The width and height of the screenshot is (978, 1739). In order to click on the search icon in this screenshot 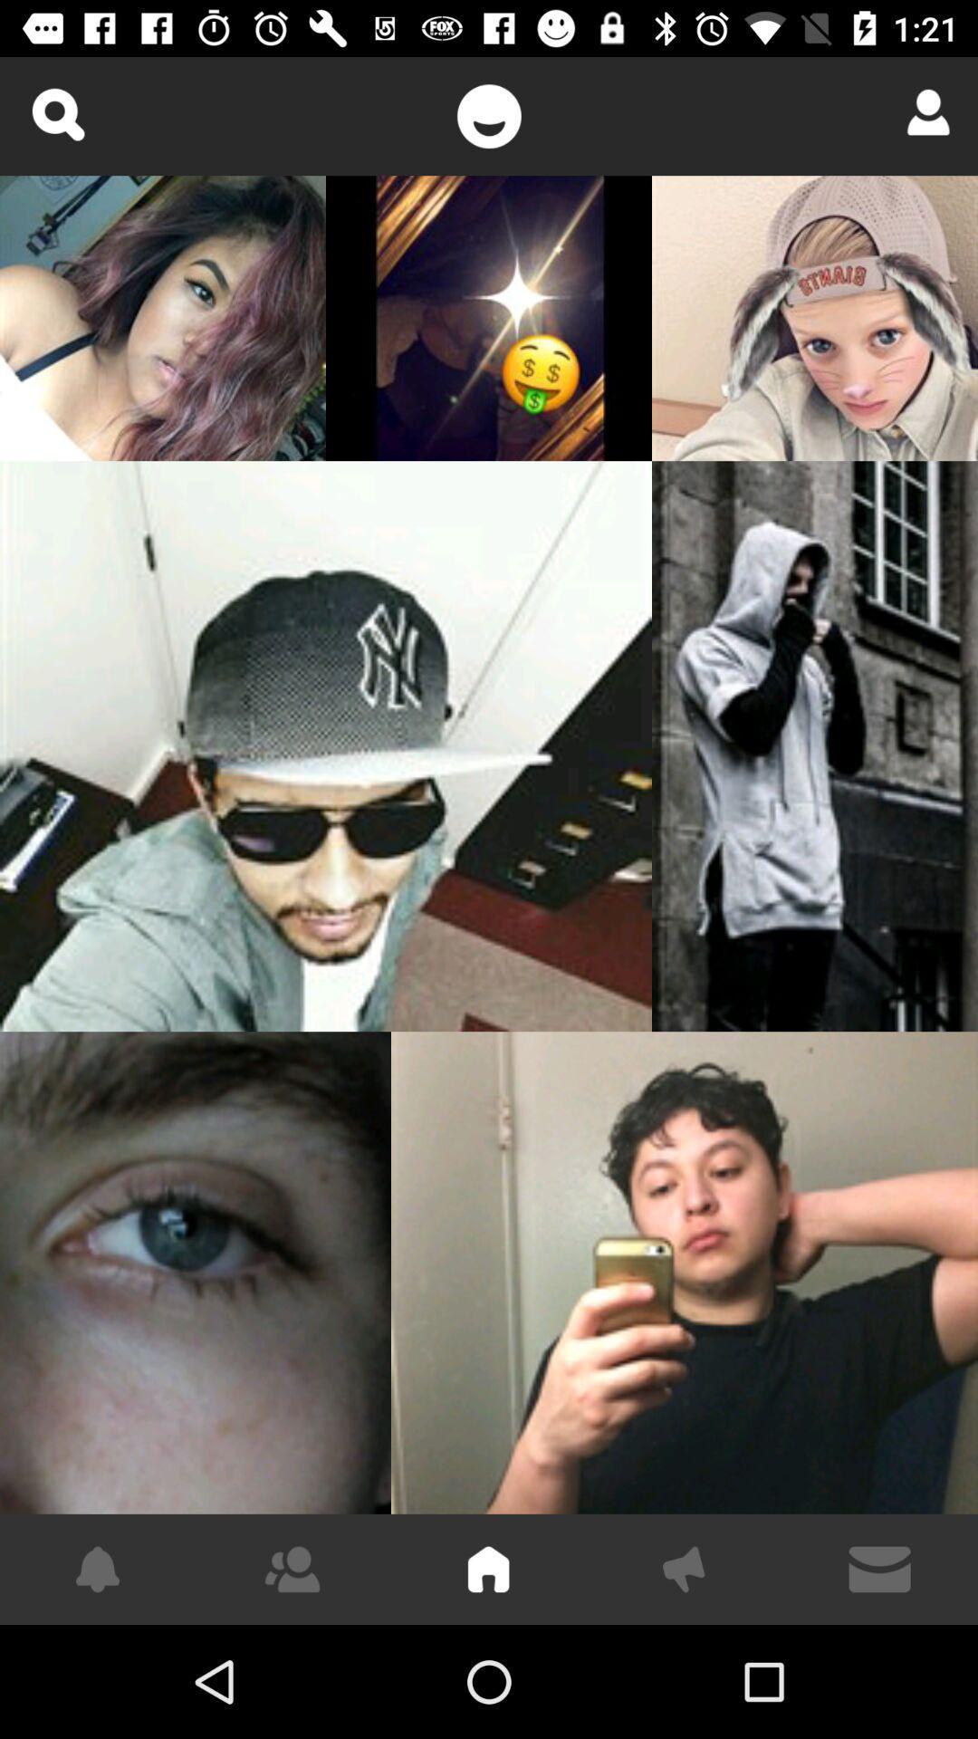, I will do `click(56, 113)`.